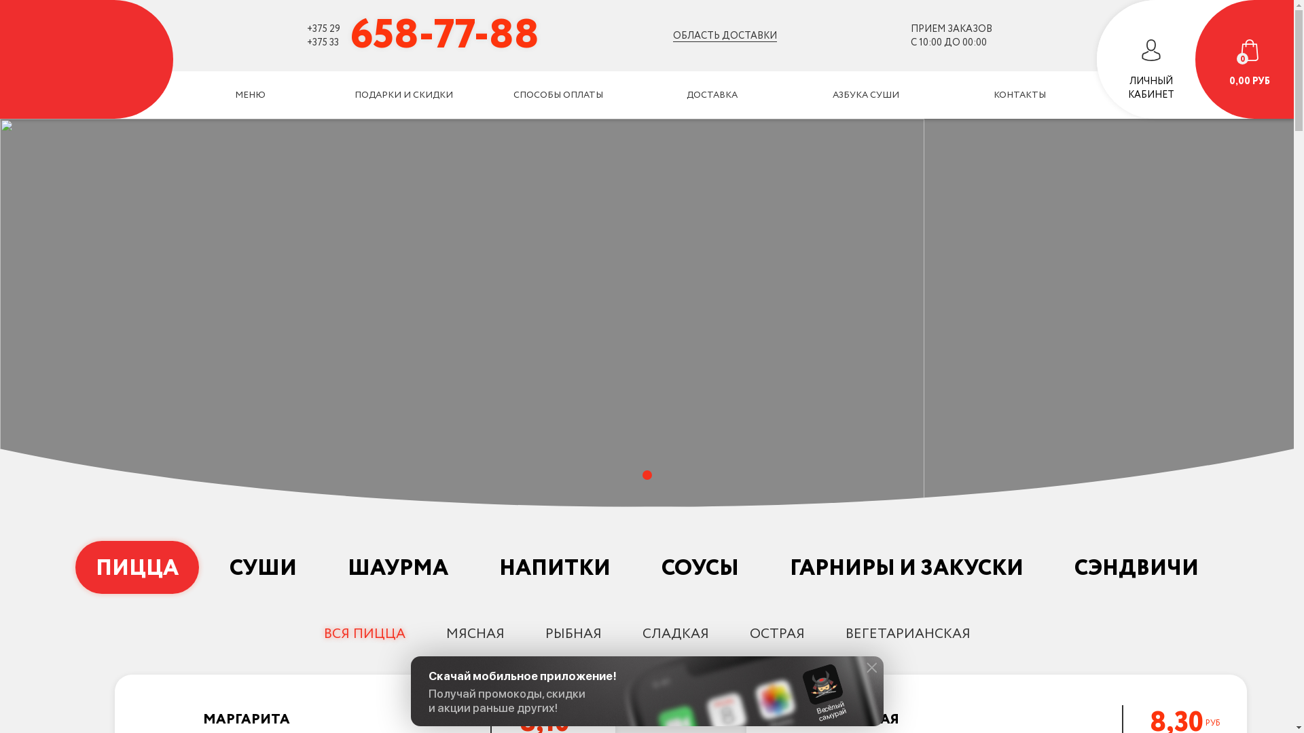 The height and width of the screenshot is (733, 1304). I want to click on '+375 33', so click(322, 41).